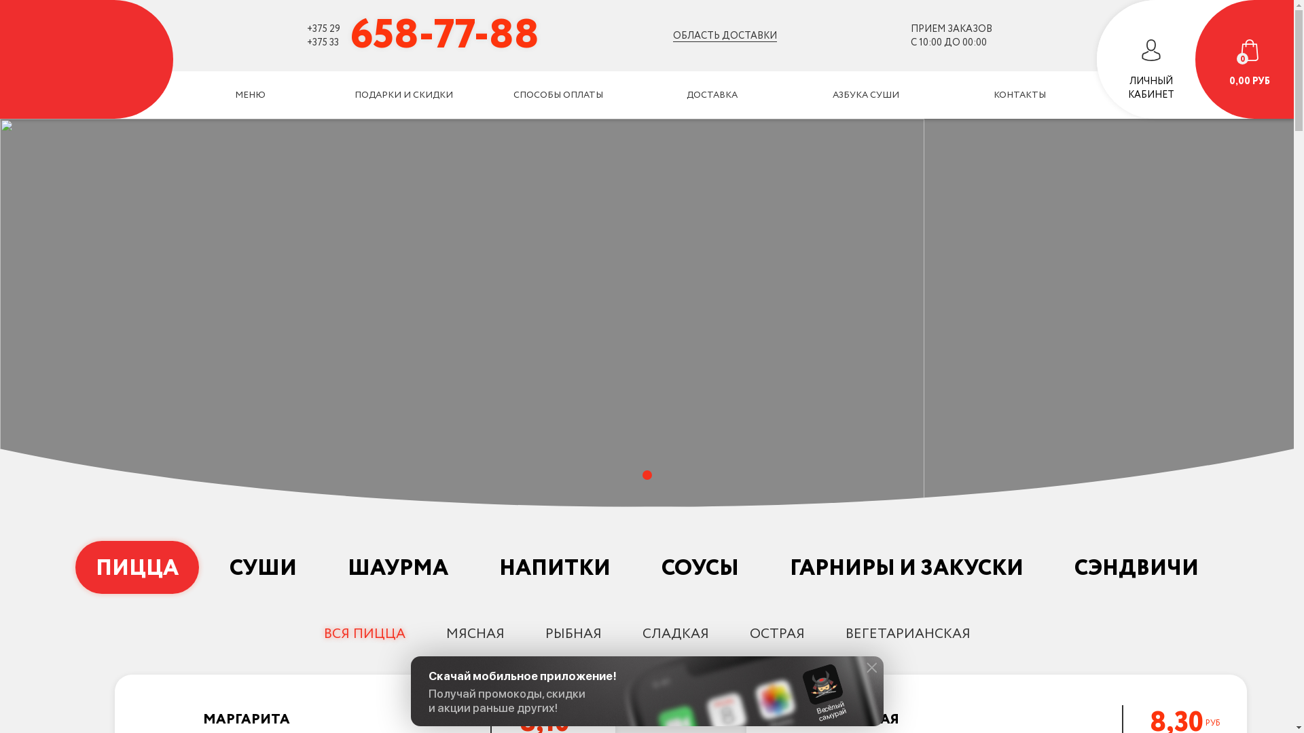 The height and width of the screenshot is (733, 1304). I want to click on '+375 33', so click(322, 41).